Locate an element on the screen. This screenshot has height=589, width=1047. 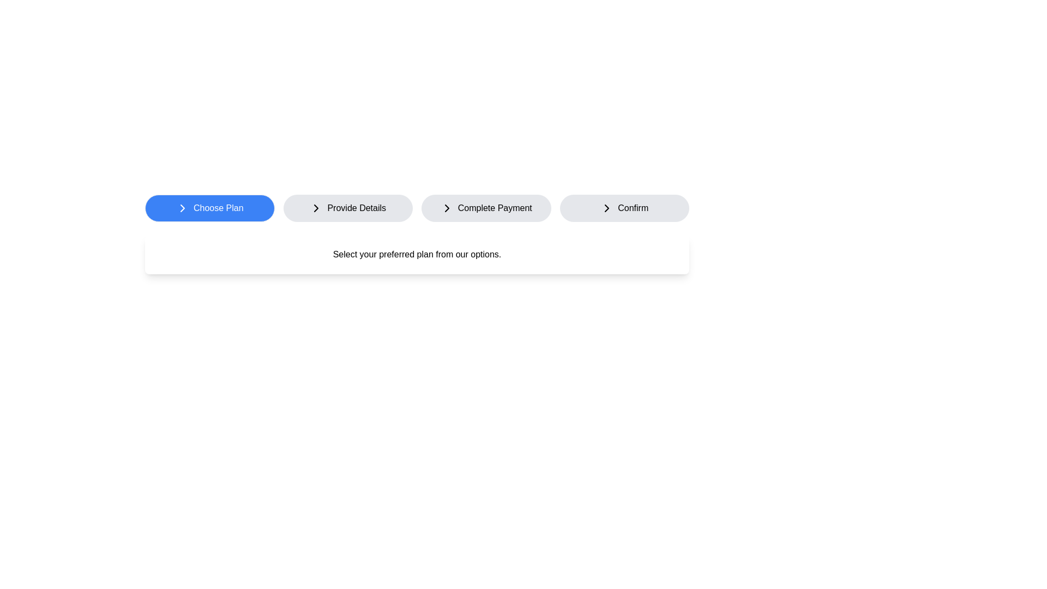
the step button corresponding to Confirm is located at coordinates (624, 208).